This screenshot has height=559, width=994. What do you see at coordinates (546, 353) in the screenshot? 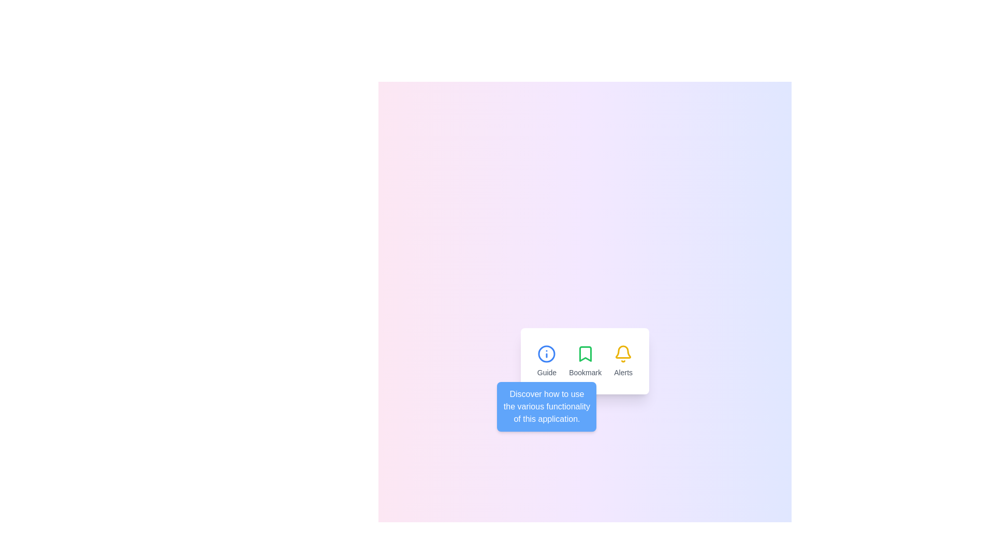
I see `the circular blue icon button featuring the 'i' symbol, which is located within a card labeled 'Guide'` at bounding box center [546, 353].